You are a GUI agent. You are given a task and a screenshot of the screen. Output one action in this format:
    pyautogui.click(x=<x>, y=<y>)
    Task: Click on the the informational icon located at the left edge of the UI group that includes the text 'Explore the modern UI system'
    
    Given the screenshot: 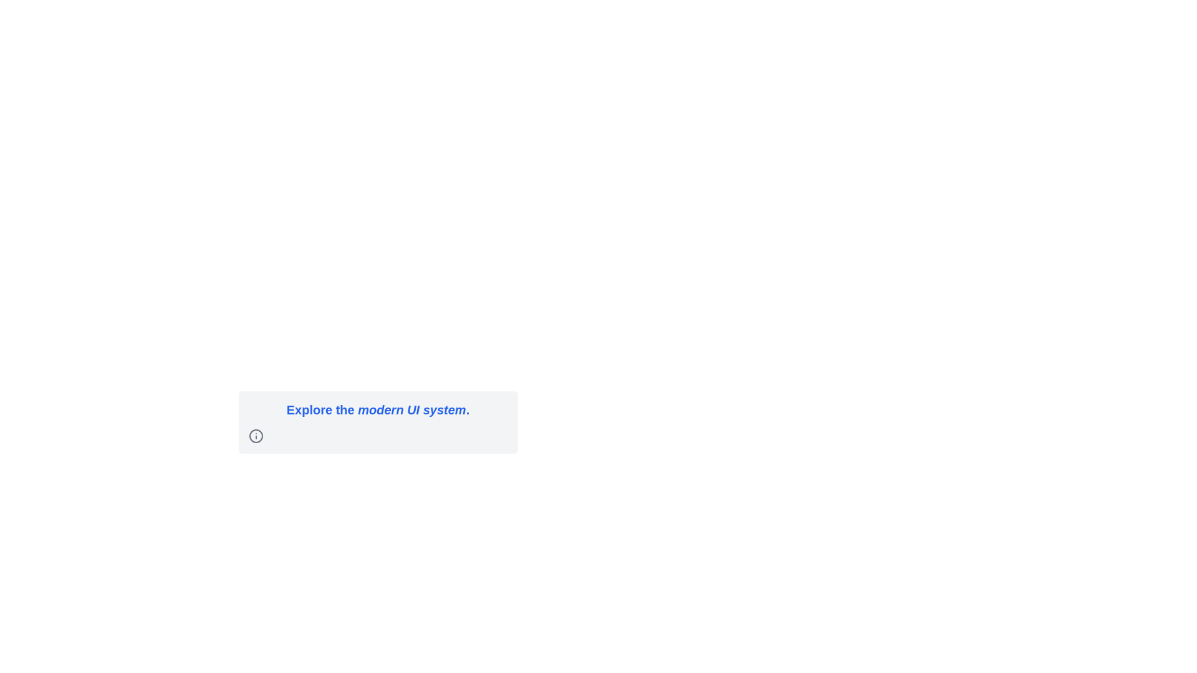 What is the action you would take?
    pyautogui.click(x=255, y=435)
    